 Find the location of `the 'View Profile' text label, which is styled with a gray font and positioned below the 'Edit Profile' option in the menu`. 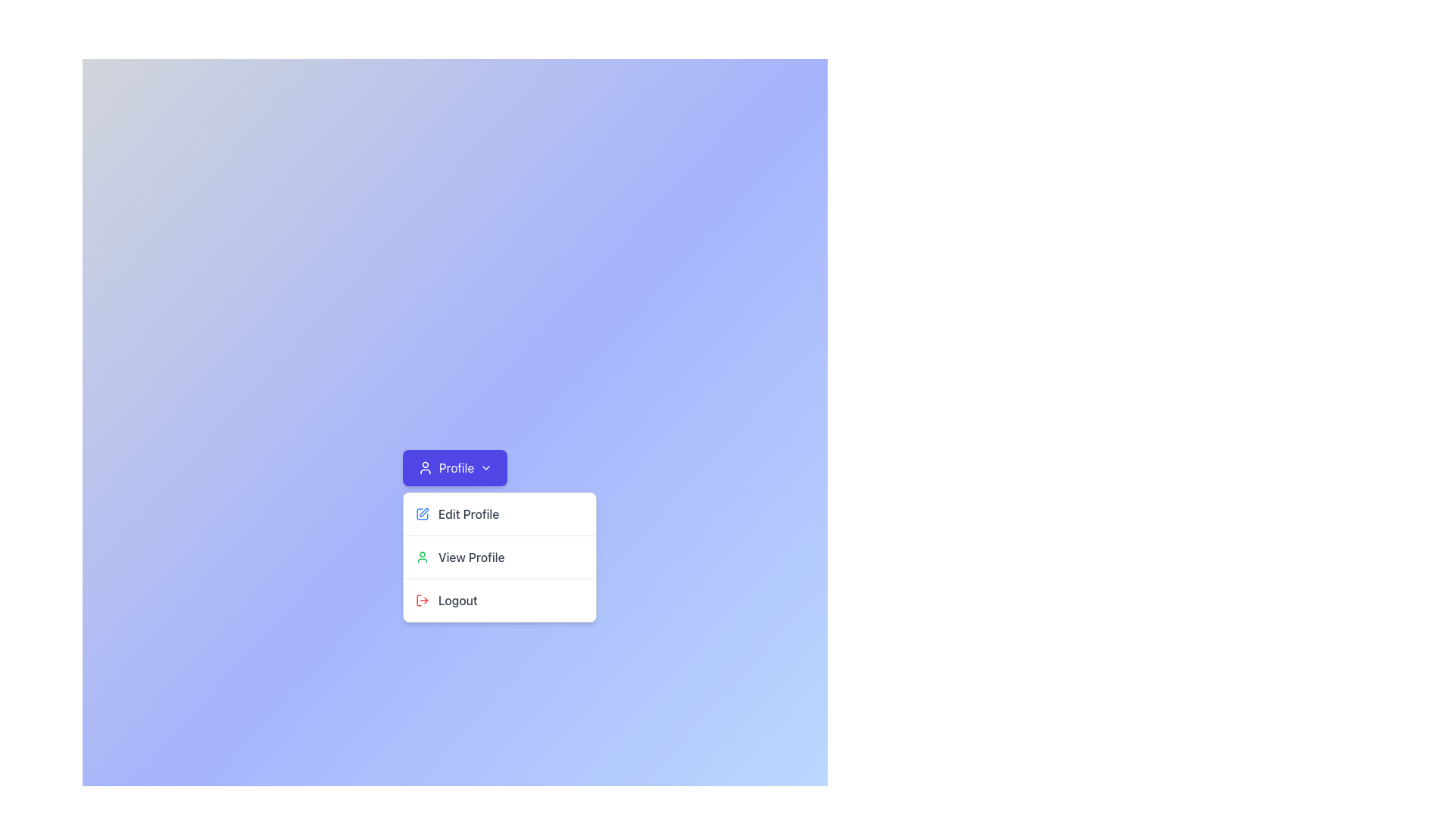

the 'View Profile' text label, which is styled with a gray font and positioned below the 'Edit Profile' option in the menu is located at coordinates (470, 557).